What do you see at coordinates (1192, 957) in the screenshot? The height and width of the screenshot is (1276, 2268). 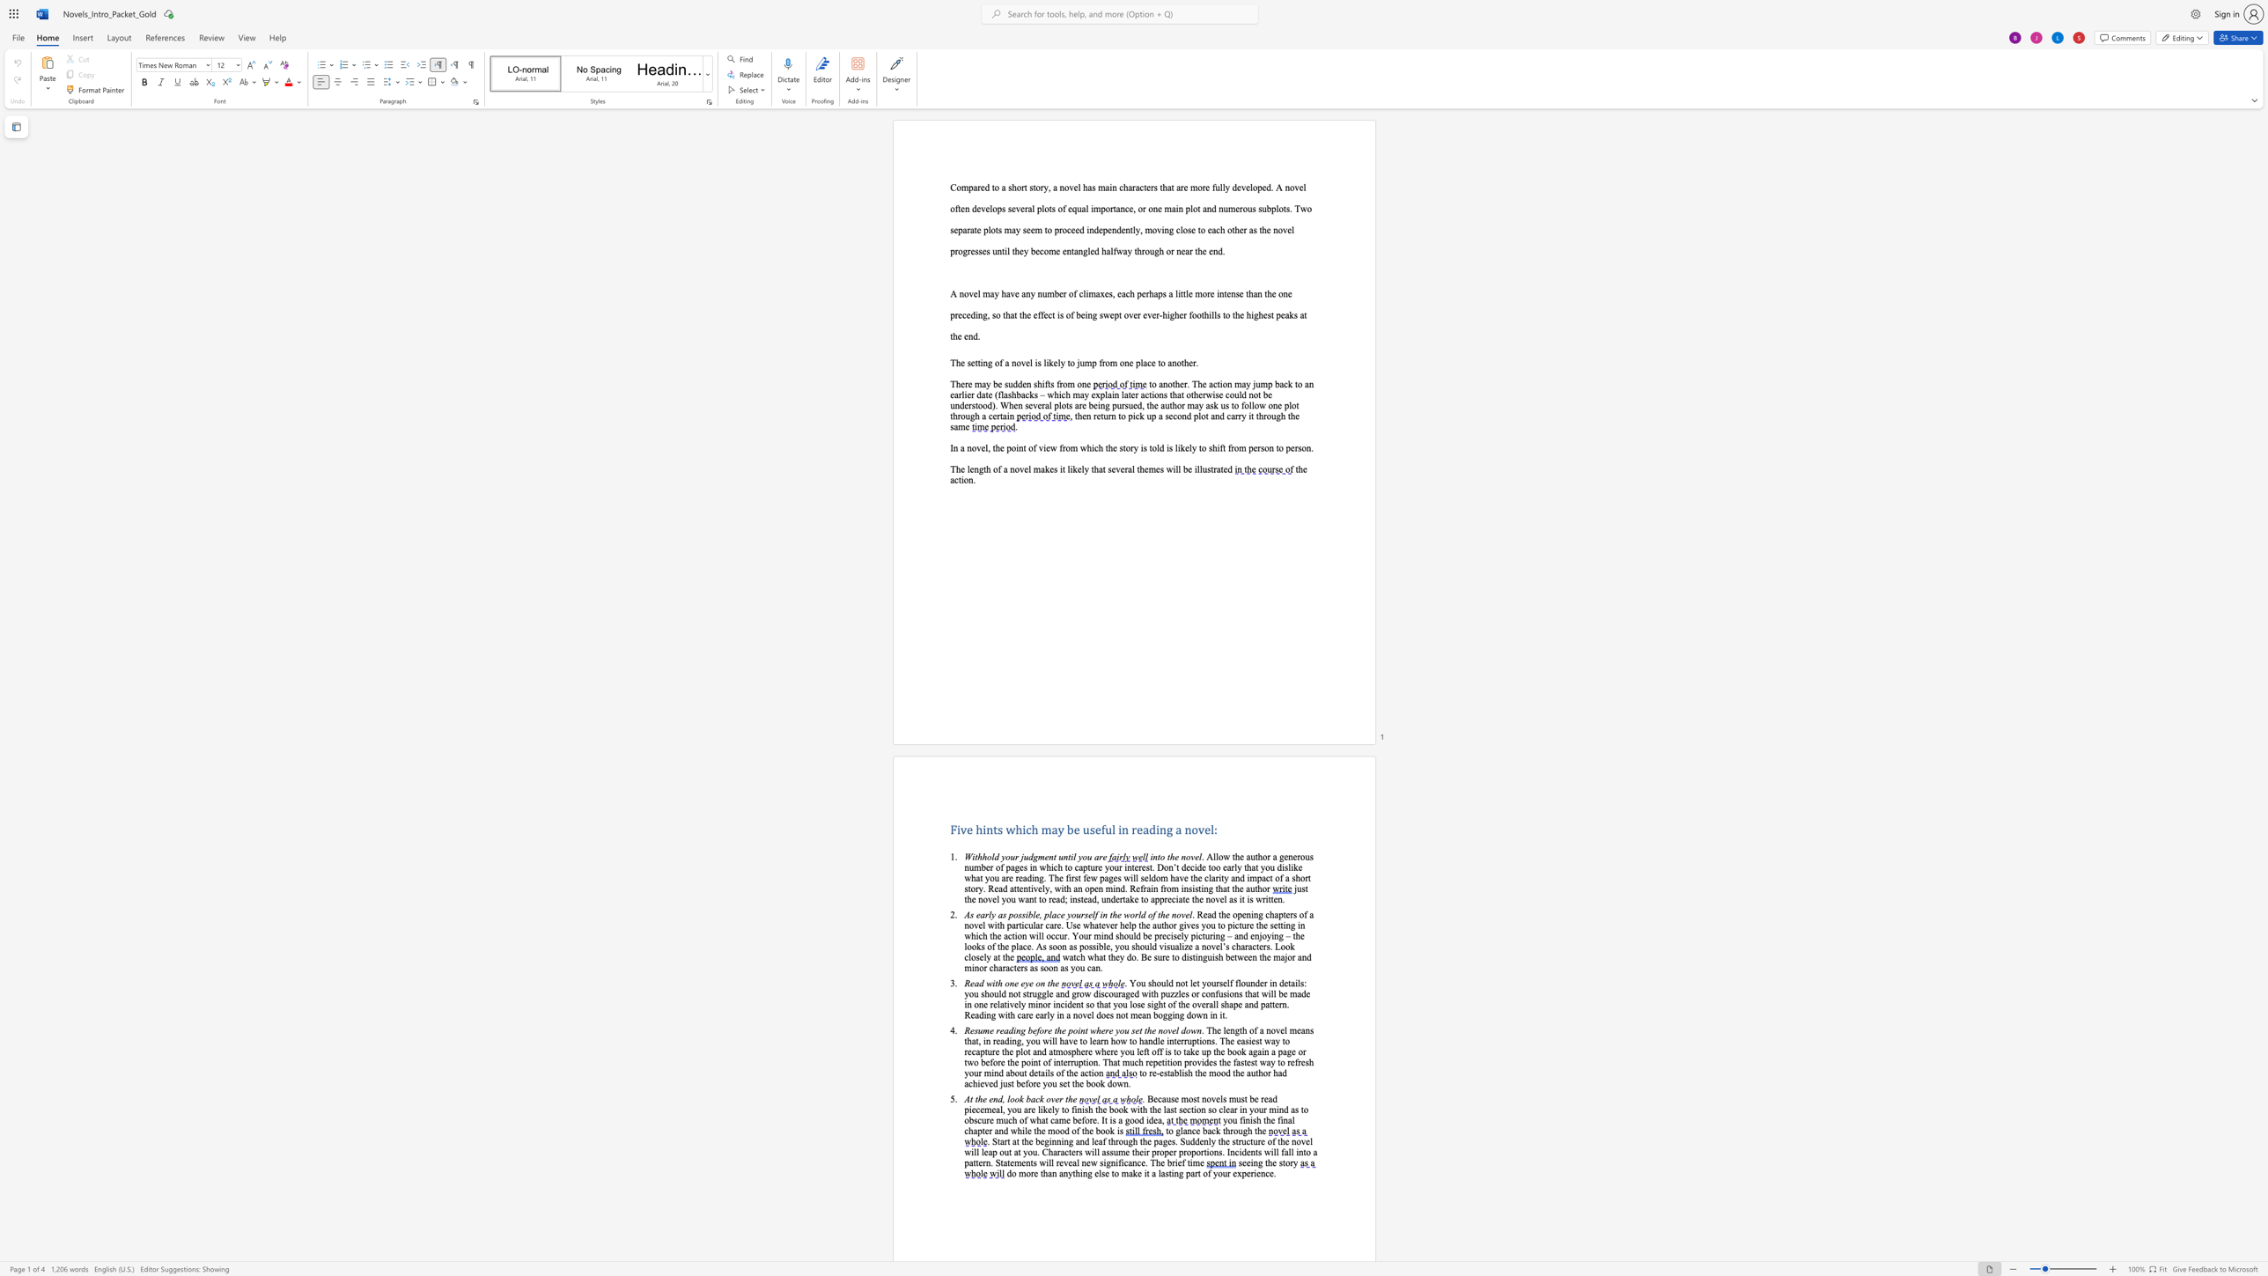 I see `the 5th character "t" in the text` at bounding box center [1192, 957].